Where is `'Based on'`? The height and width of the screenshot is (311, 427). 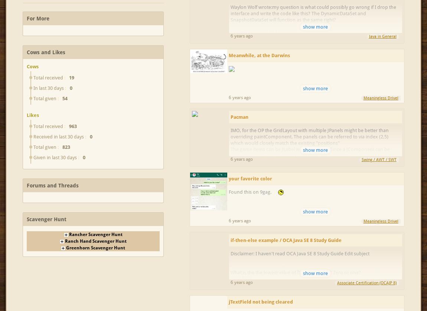
'Based on' is located at coordinates (240, 278).